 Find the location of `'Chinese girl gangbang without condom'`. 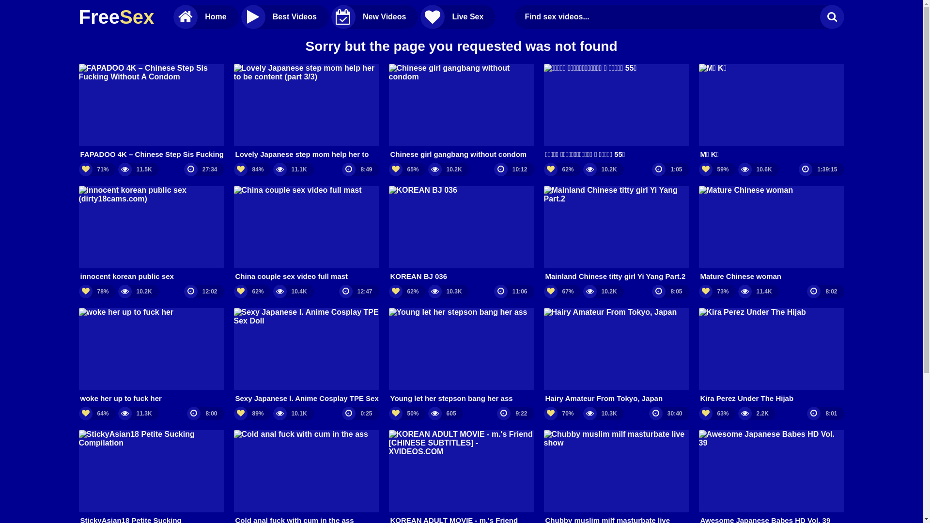

'Chinese girl gangbang without condom' is located at coordinates (460, 111).